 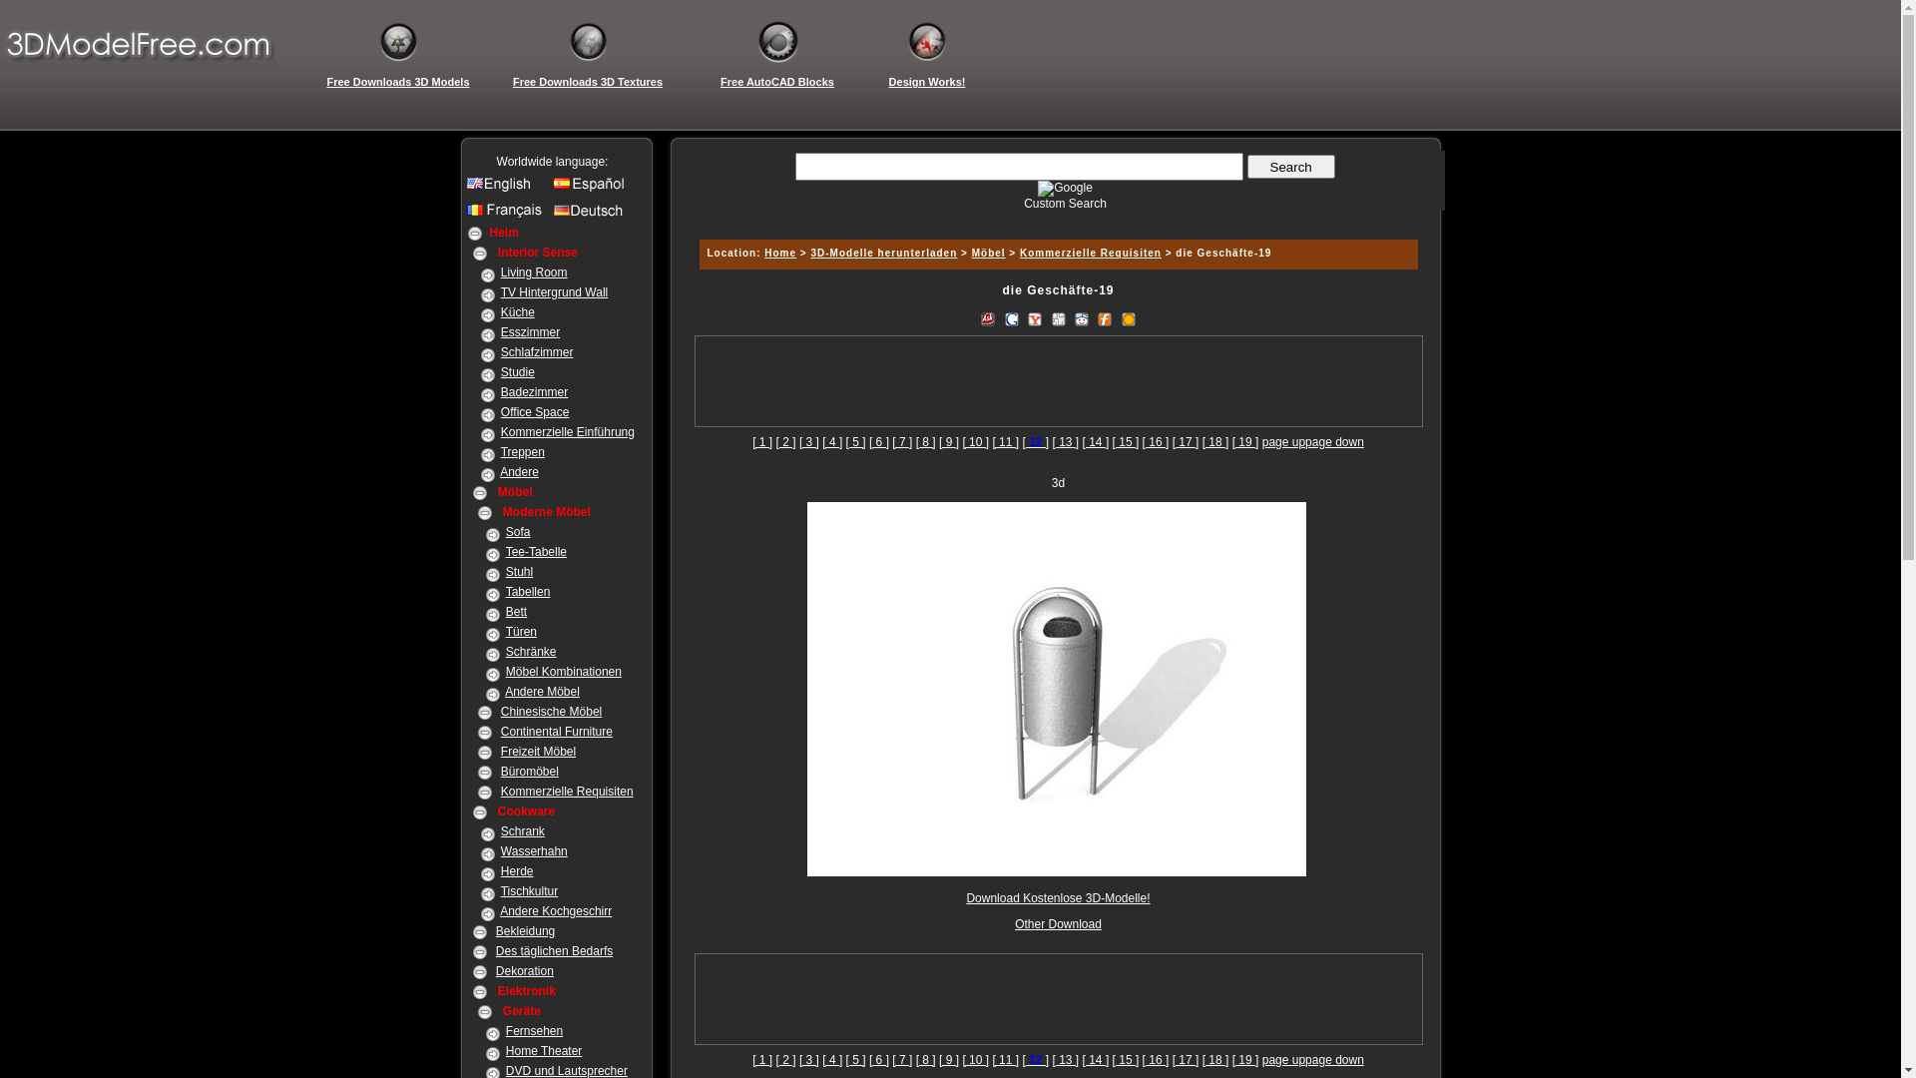 What do you see at coordinates (525, 969) in the screenshot?
I see `'Dekoration'` at bounding box center [525, 969].